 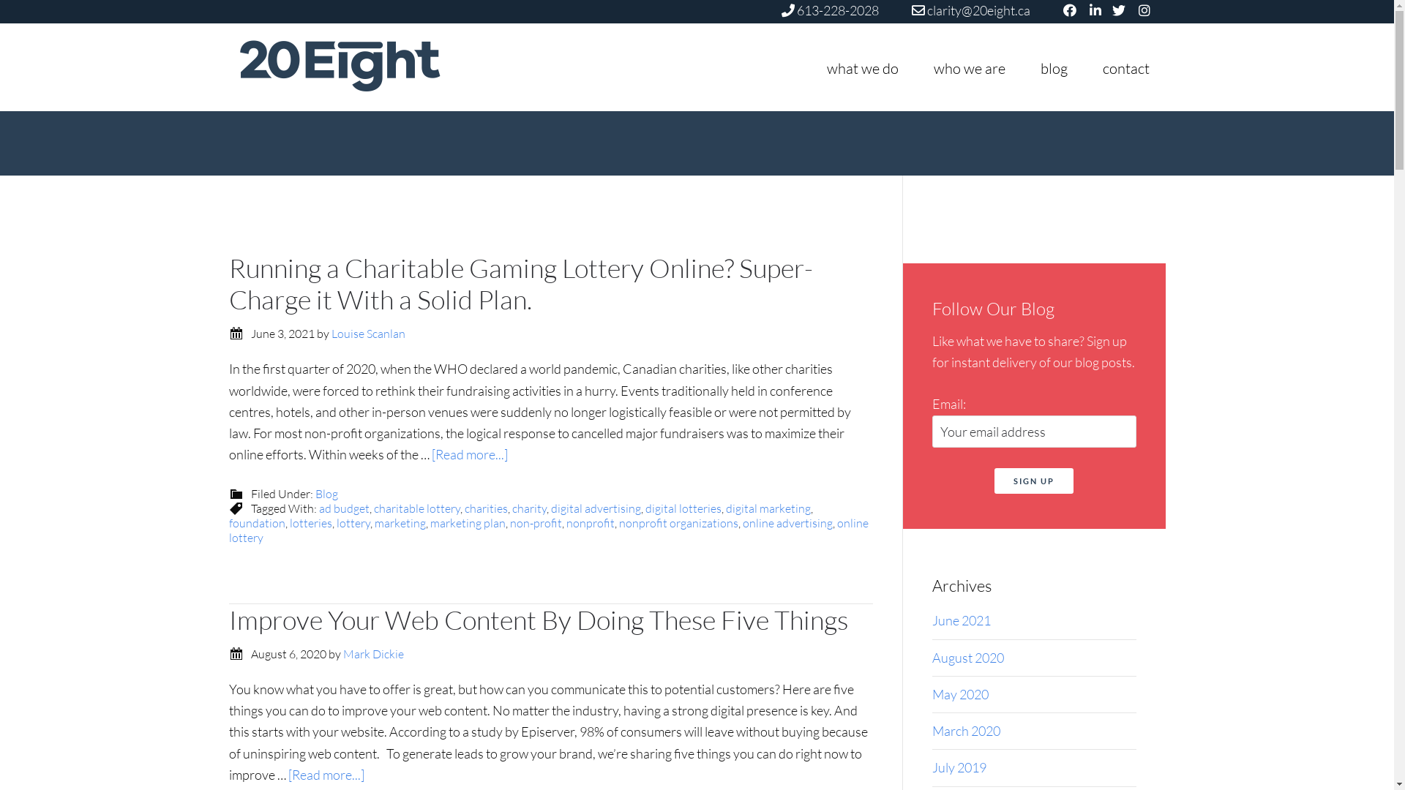 What do you see at coordinates (1124, 68) in the screenshot?
I see `'contact'` at bounding box center [1124, 68].